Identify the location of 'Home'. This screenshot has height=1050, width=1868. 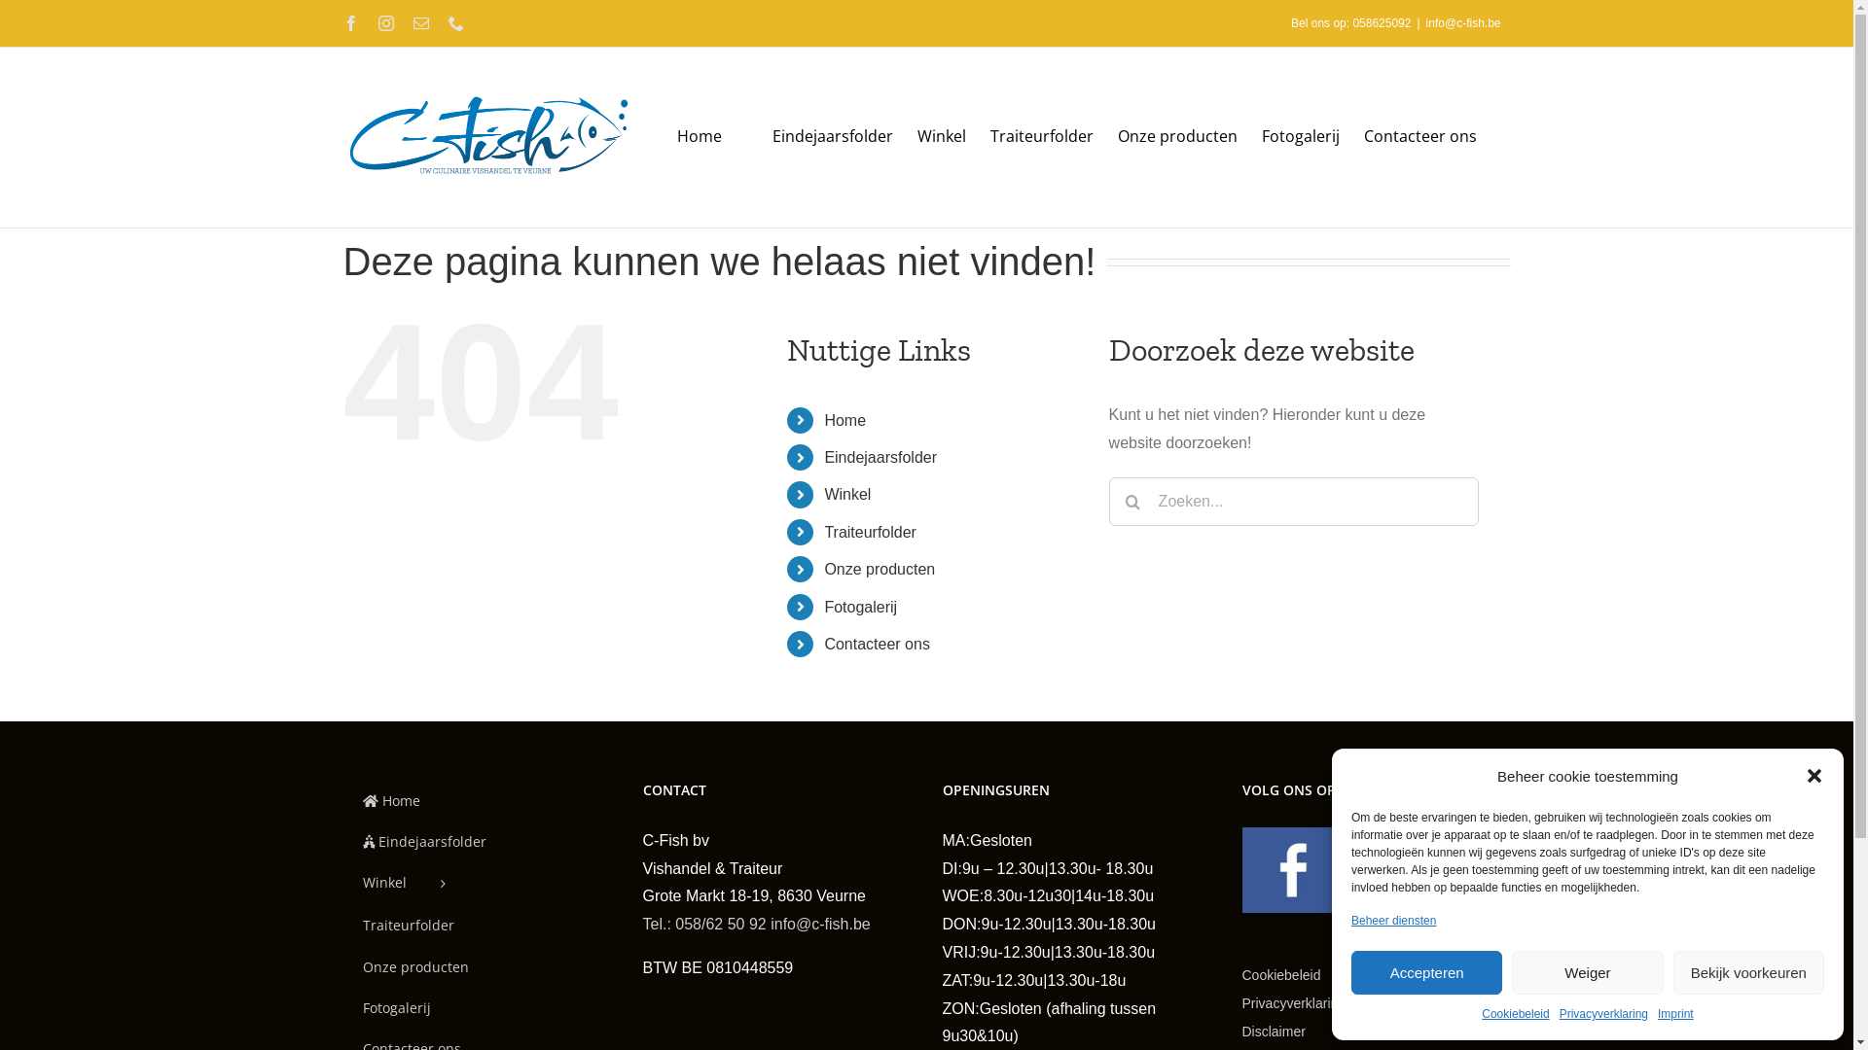
(341, 801).